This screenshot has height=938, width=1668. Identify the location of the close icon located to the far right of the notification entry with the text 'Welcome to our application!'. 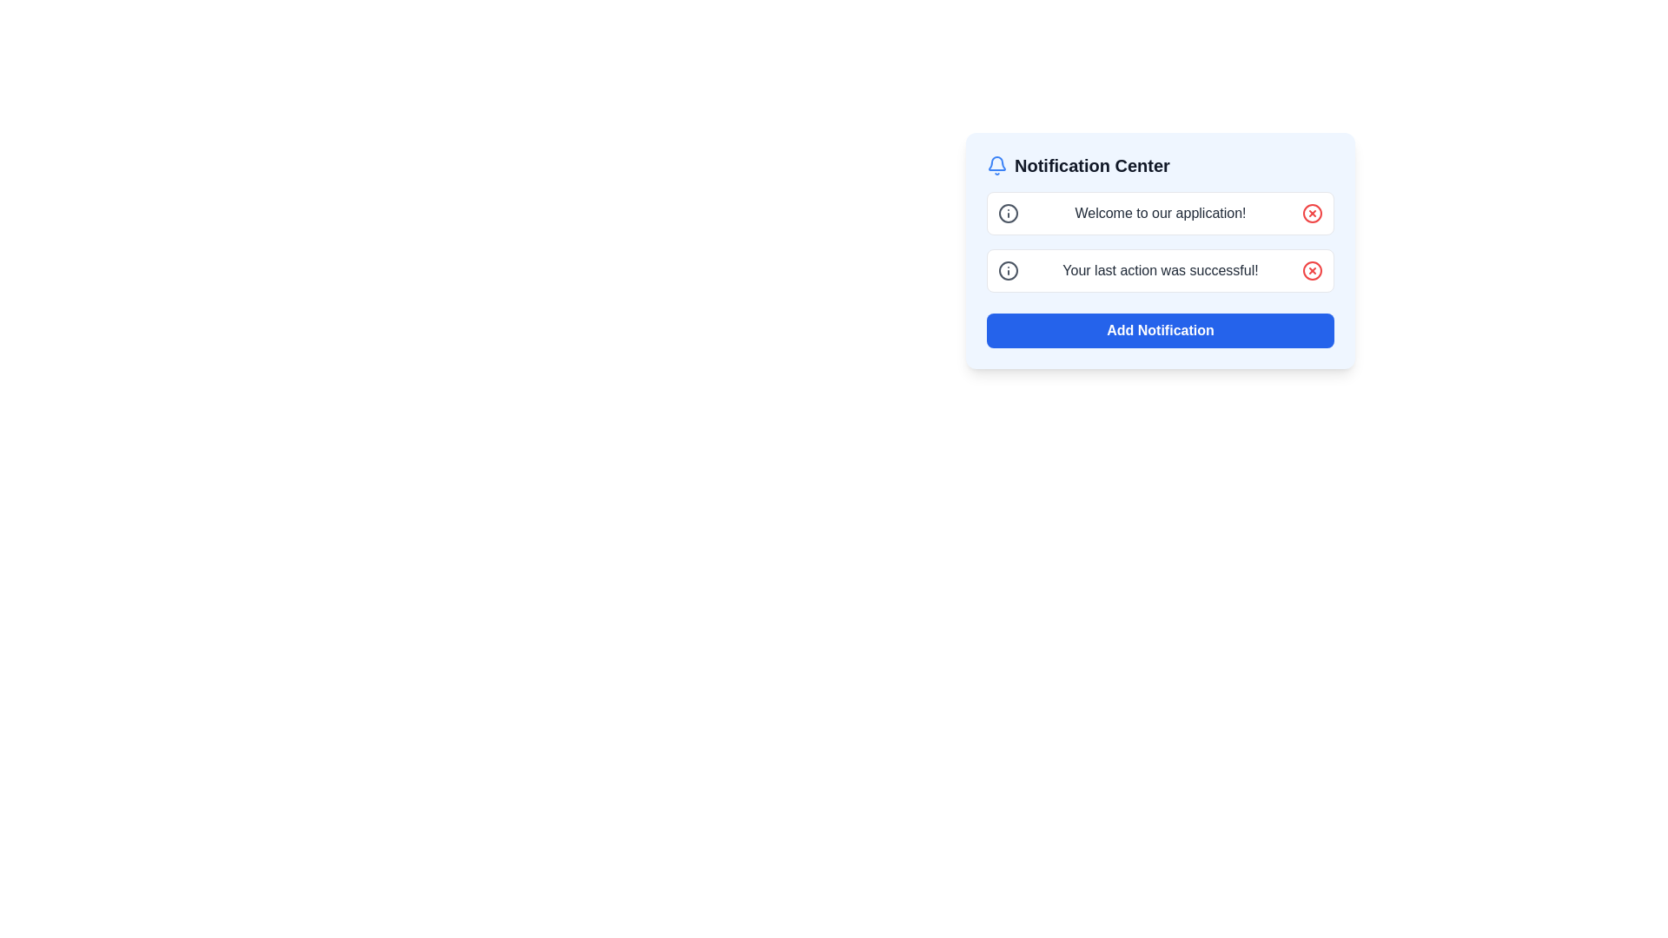
(1313, 213).